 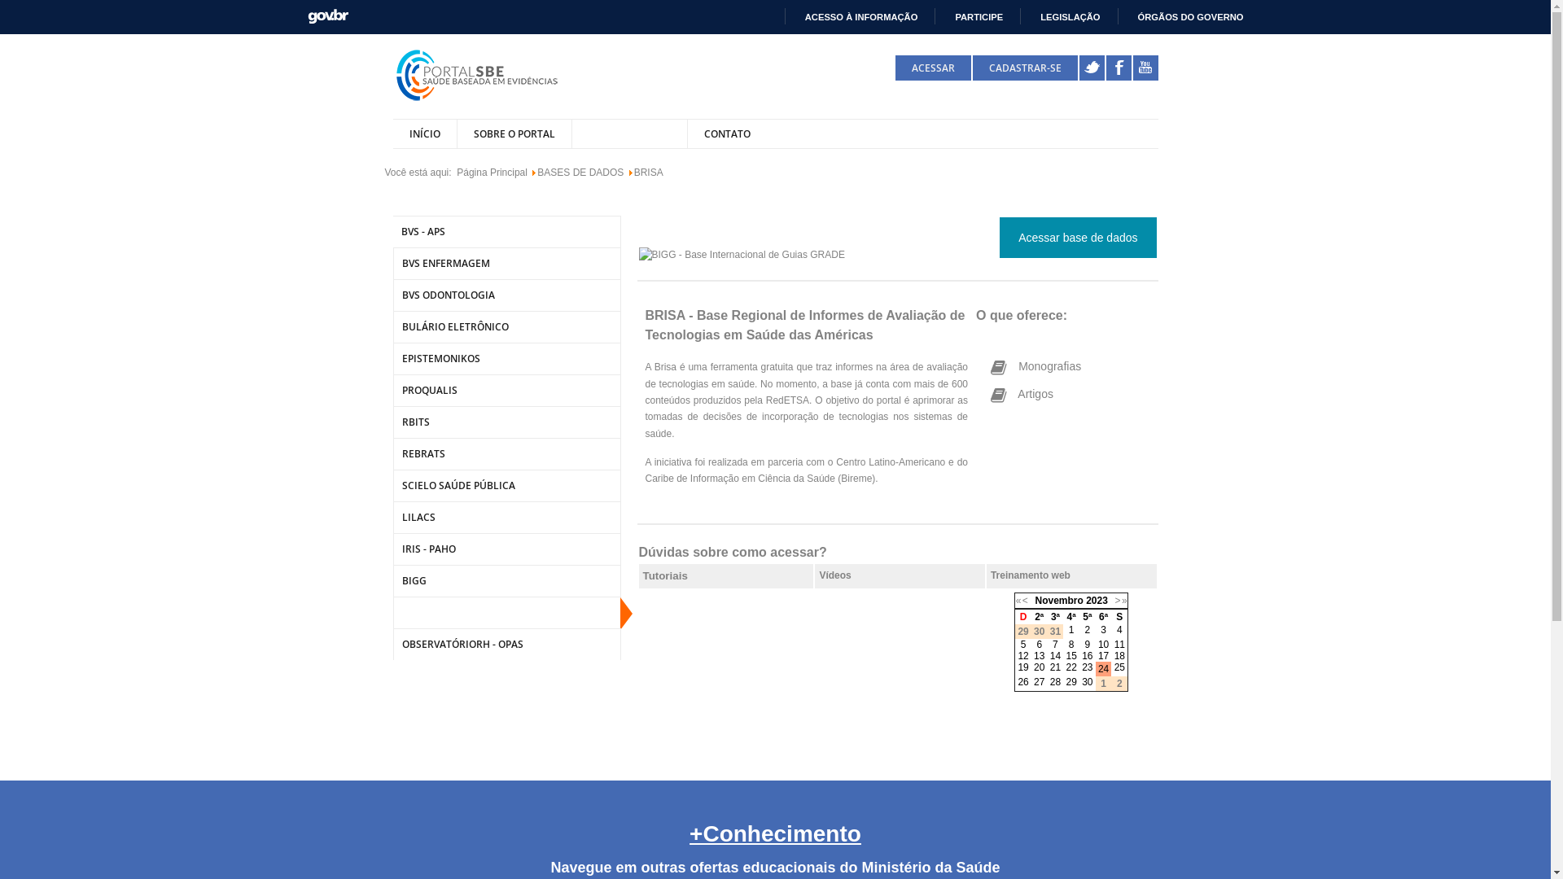 I want to click on 'Twitter', so click(x=1092, y=67).